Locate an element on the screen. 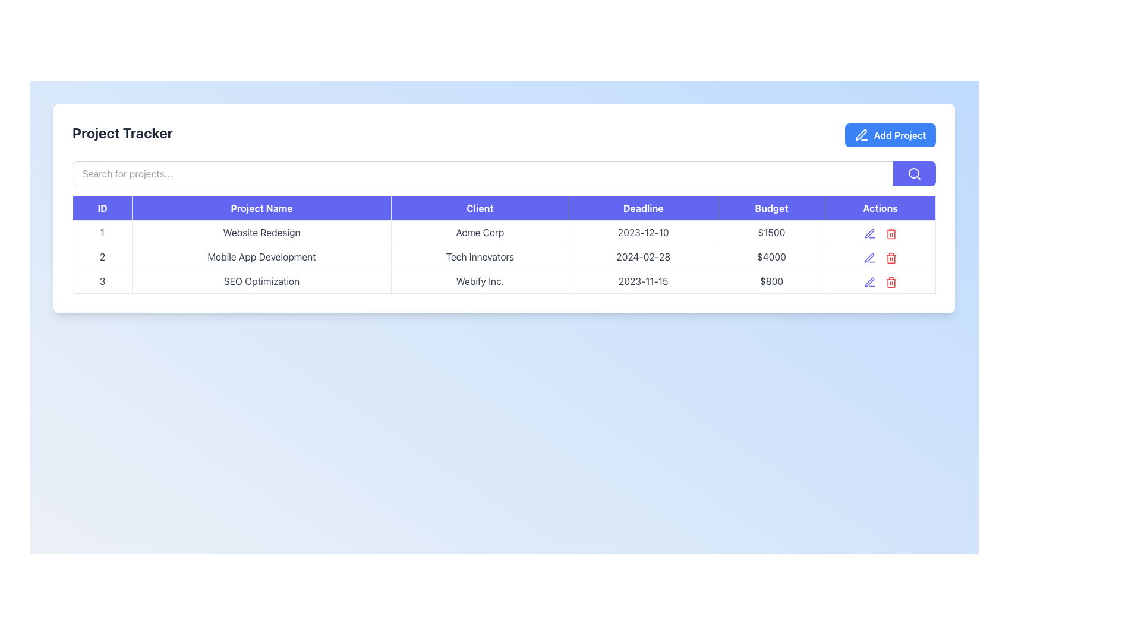 Image resolution: width=1141 pixels, height=641 pixels. the trash can icon is located at coordinates (891, 257).